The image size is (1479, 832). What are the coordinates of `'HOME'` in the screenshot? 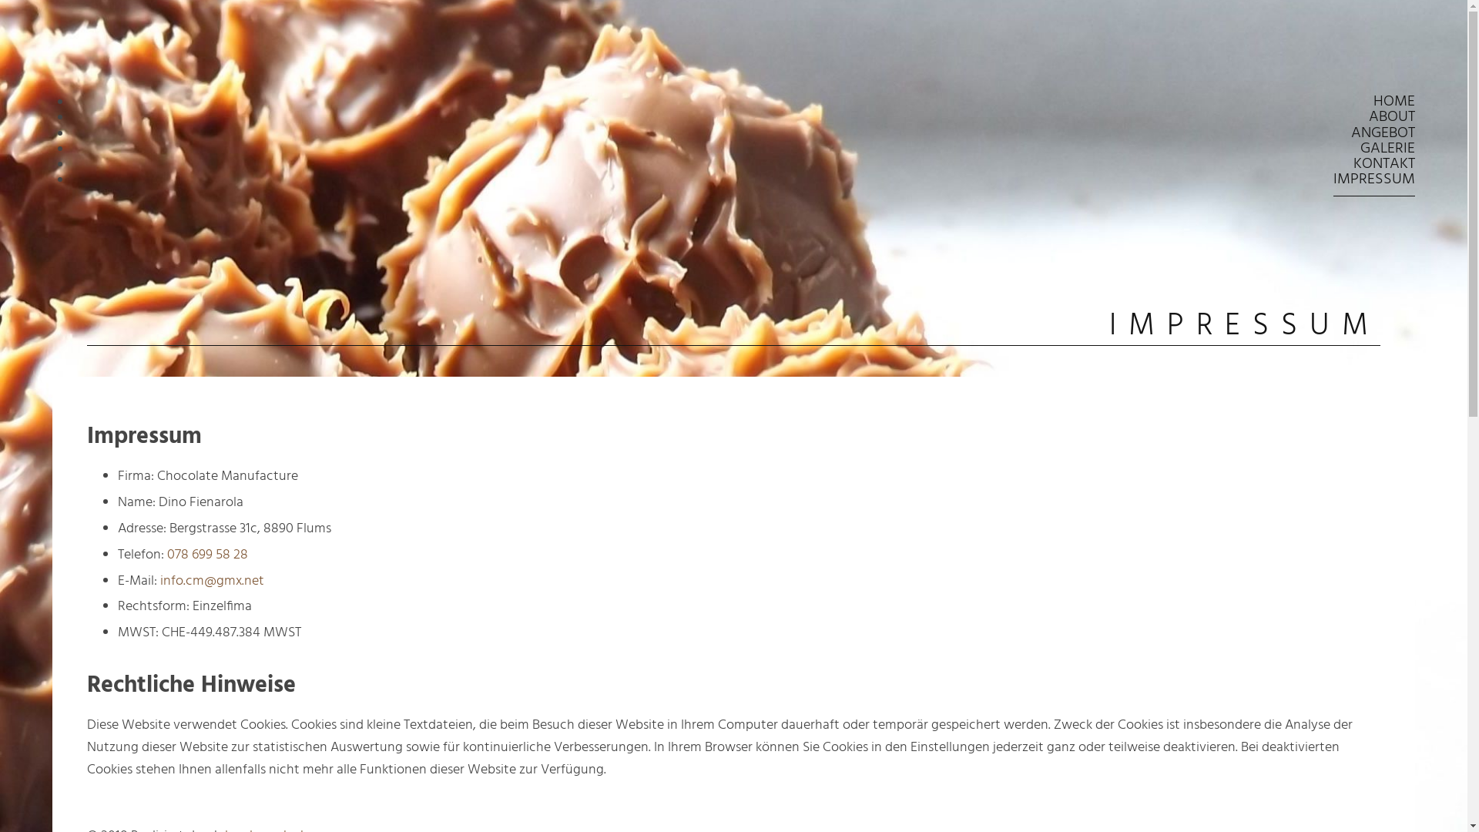 It's located at (1373, 102).